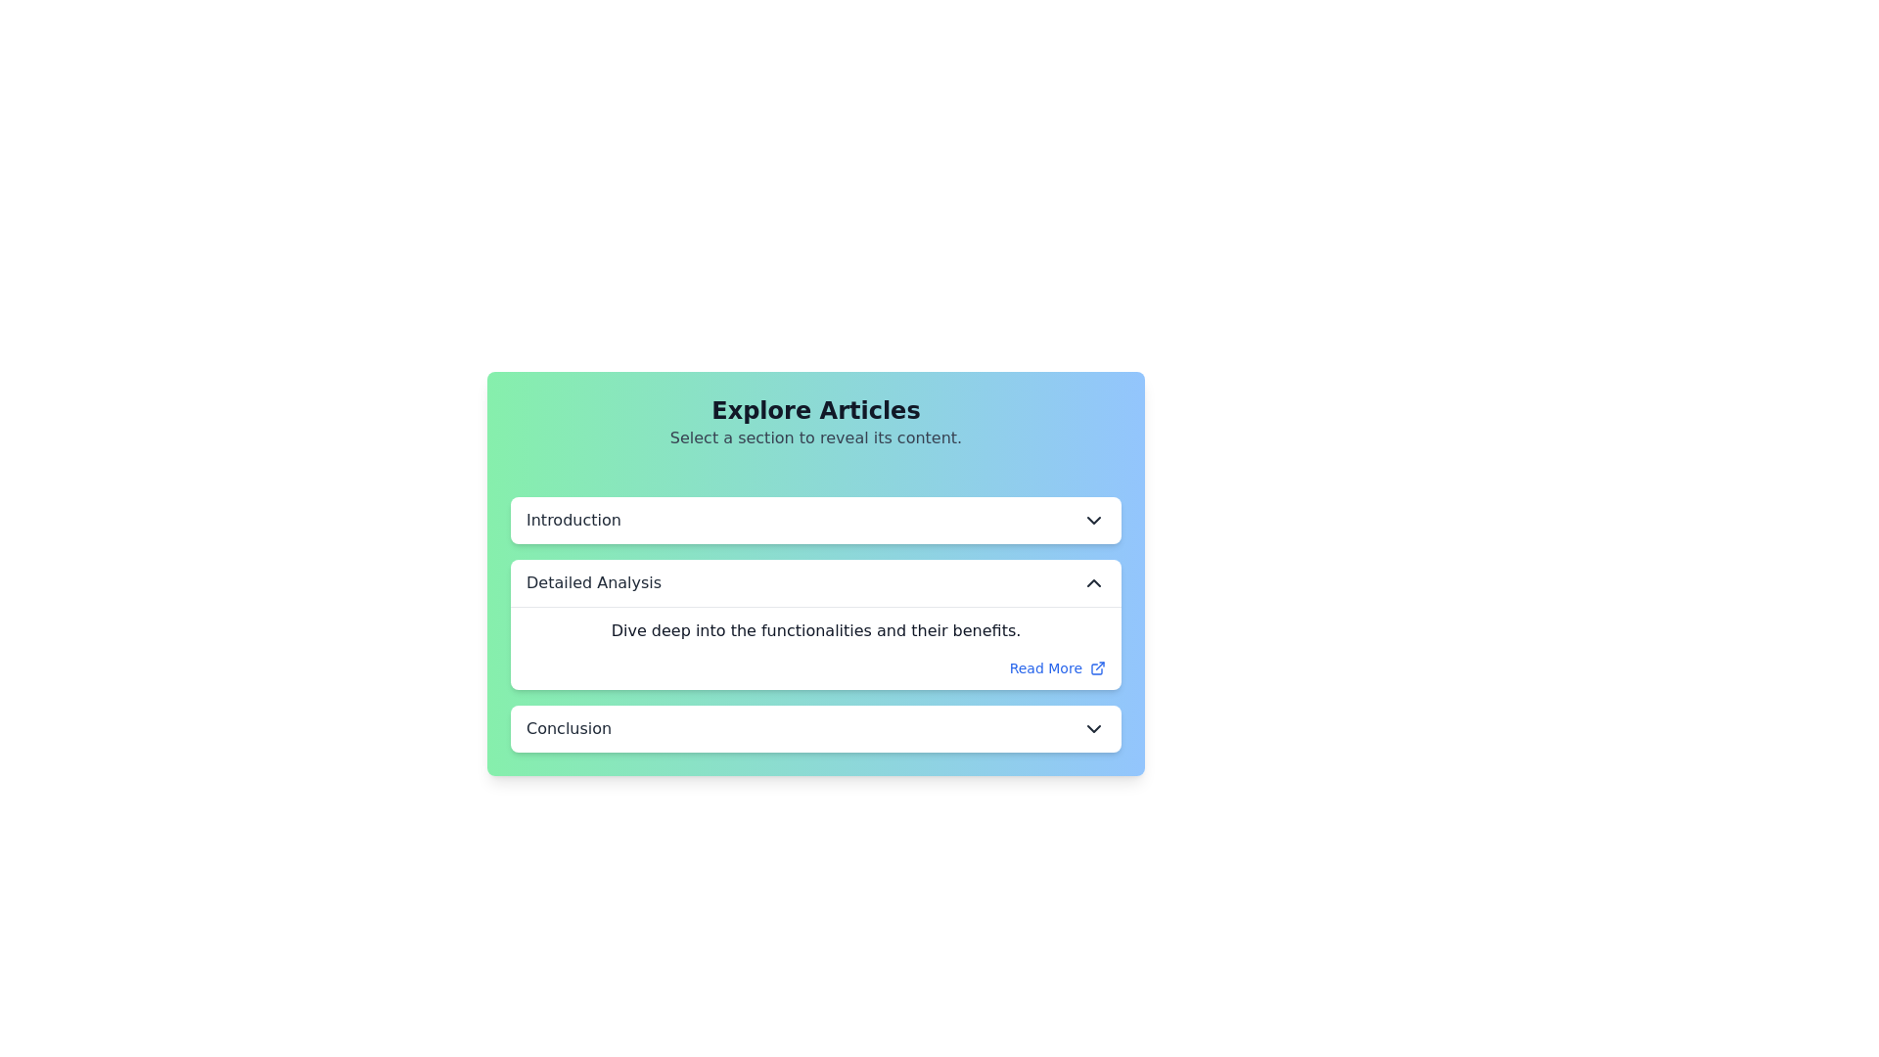 This screenshot has width=1879, height=1057. Describe the element at coordinates (593, 582) in the screenshot. I see `the clickable Text component that serves as a label for the 'Detailed Analysis' menu option, located between the 'Introduction' and 'Conclusion' sections` at that location.